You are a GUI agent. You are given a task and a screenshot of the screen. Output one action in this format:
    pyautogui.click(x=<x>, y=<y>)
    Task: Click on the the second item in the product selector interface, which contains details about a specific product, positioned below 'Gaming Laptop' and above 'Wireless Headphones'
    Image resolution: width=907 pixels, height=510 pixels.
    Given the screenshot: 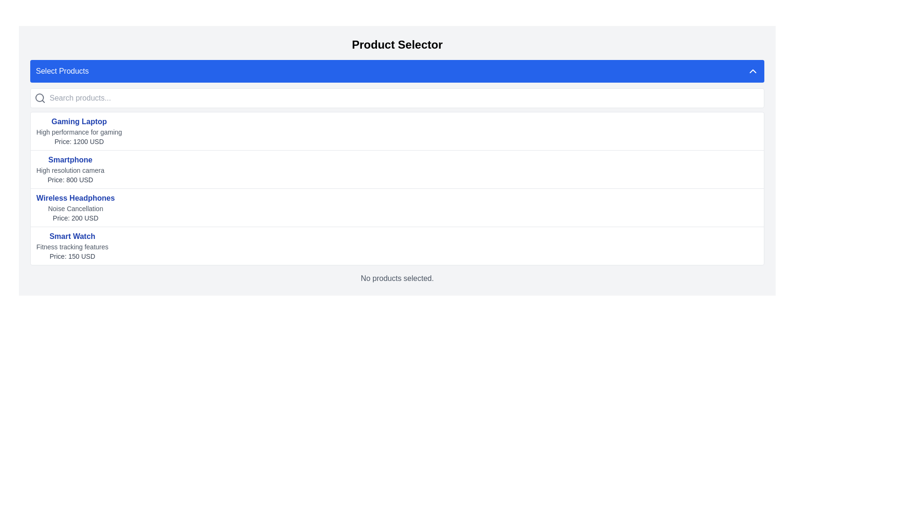 What is the action you would take?
    pyautogui.click(x=69, y=169)
    